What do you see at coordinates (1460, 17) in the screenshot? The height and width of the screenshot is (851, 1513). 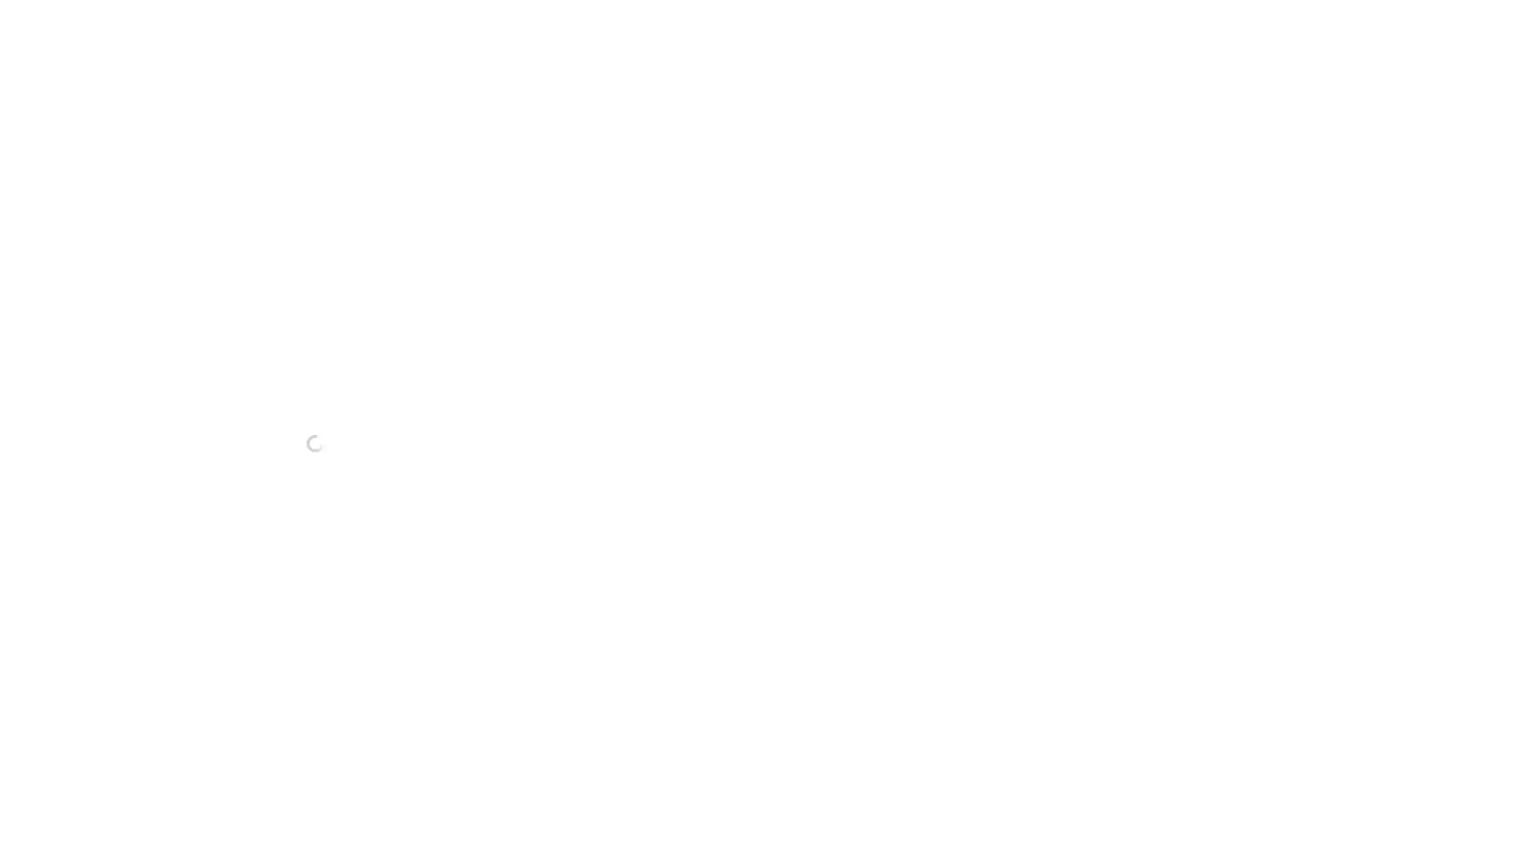 I see `Try Notion` at bounding box center [1460, 17].